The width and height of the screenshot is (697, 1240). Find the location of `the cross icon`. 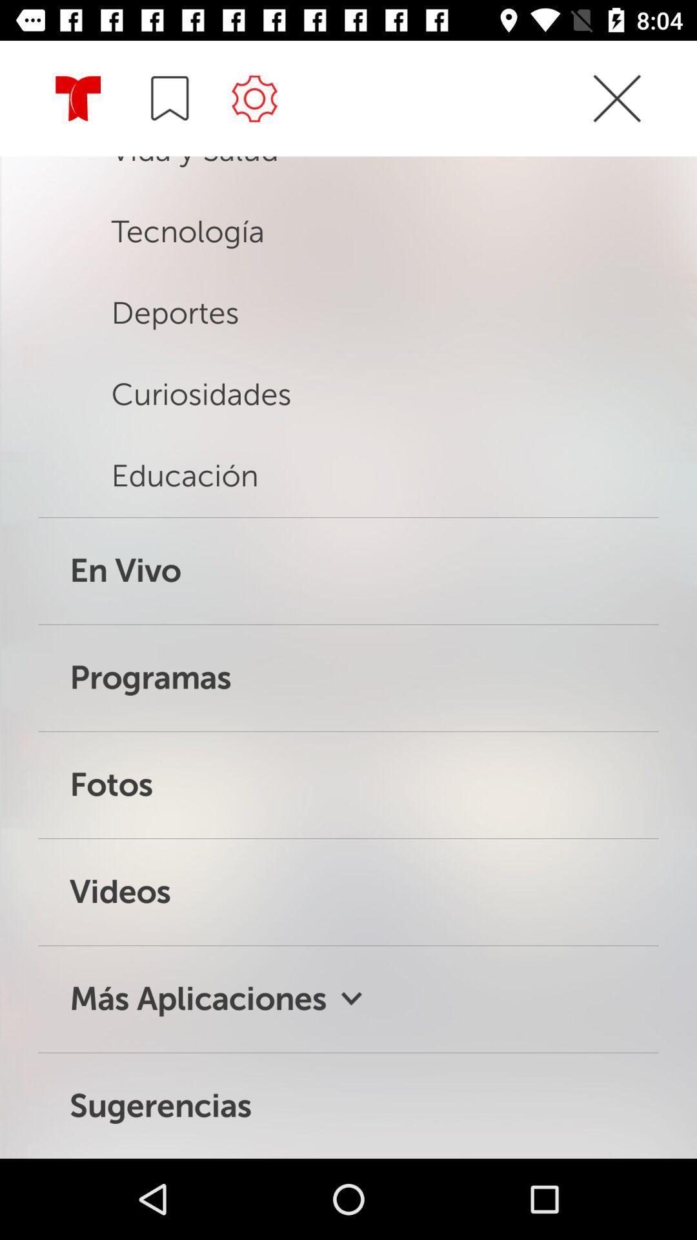

the cross icon is located at coordinates (616, 121).